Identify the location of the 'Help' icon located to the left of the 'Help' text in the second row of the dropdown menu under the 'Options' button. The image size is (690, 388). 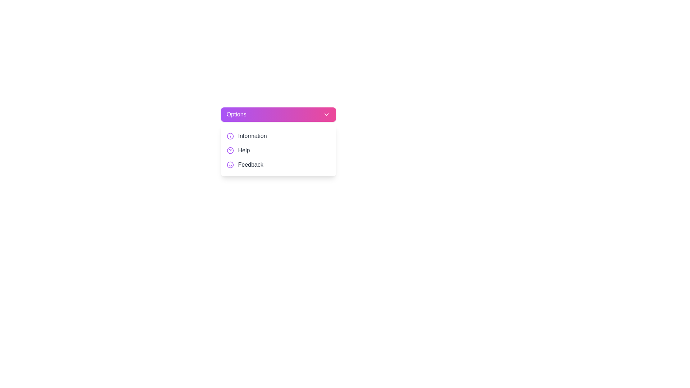
(230, 150).